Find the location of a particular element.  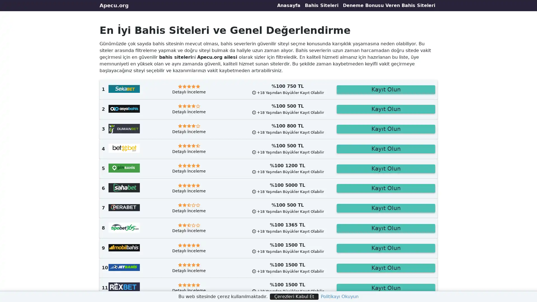

Load terms and conditions is located at coordinates (287, 211).